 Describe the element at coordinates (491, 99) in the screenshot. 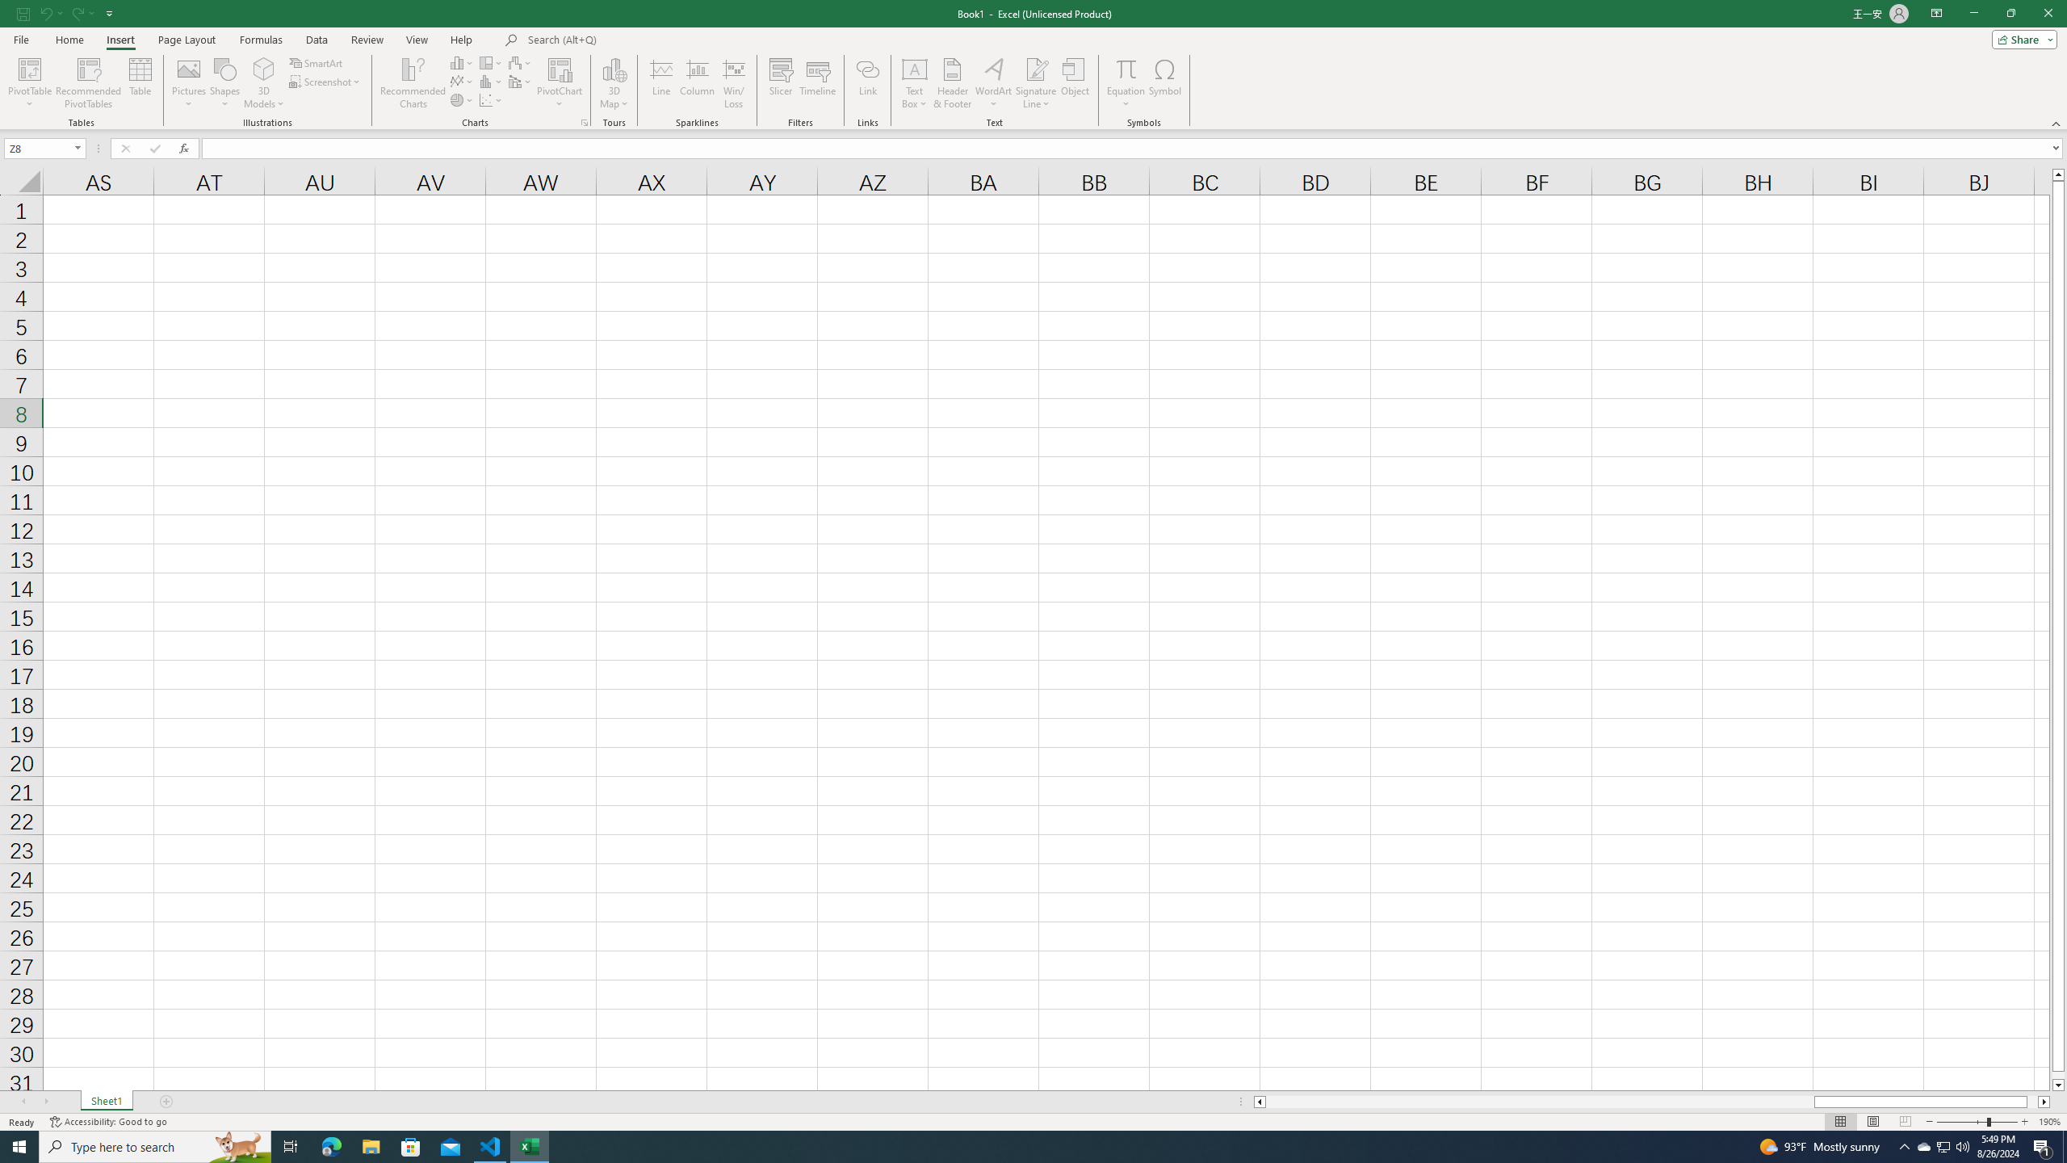

I see `'Insert Scatter (X, Y) or Bubble Chart'` at that location.